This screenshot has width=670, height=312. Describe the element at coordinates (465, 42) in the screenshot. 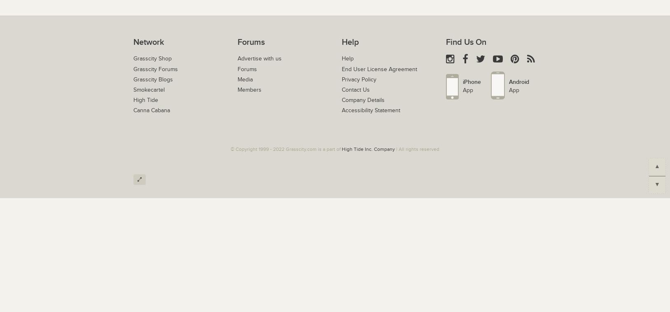

I see `'Find Us On'` at that location.